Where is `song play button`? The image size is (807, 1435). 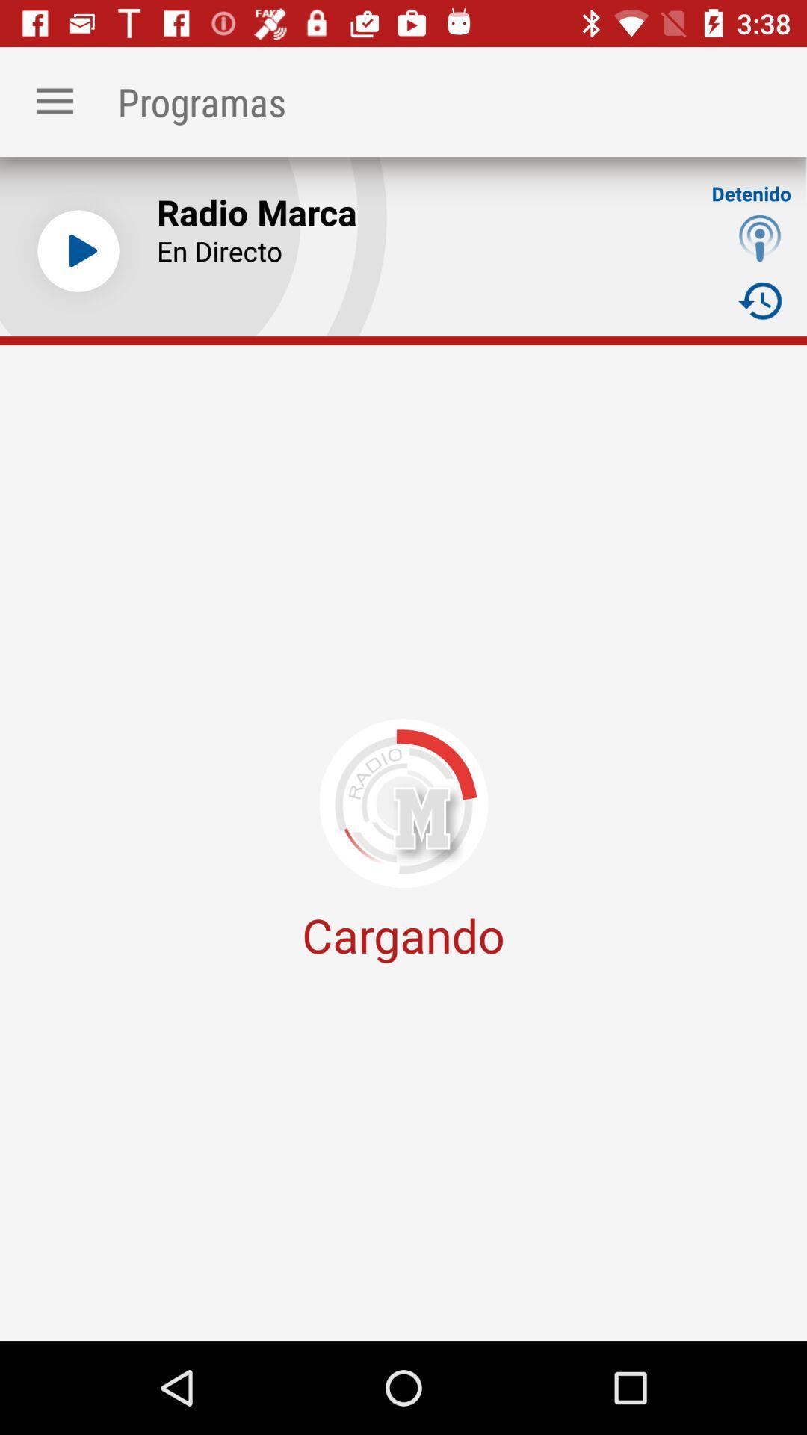
song play button is located at coordinates (78, 251).